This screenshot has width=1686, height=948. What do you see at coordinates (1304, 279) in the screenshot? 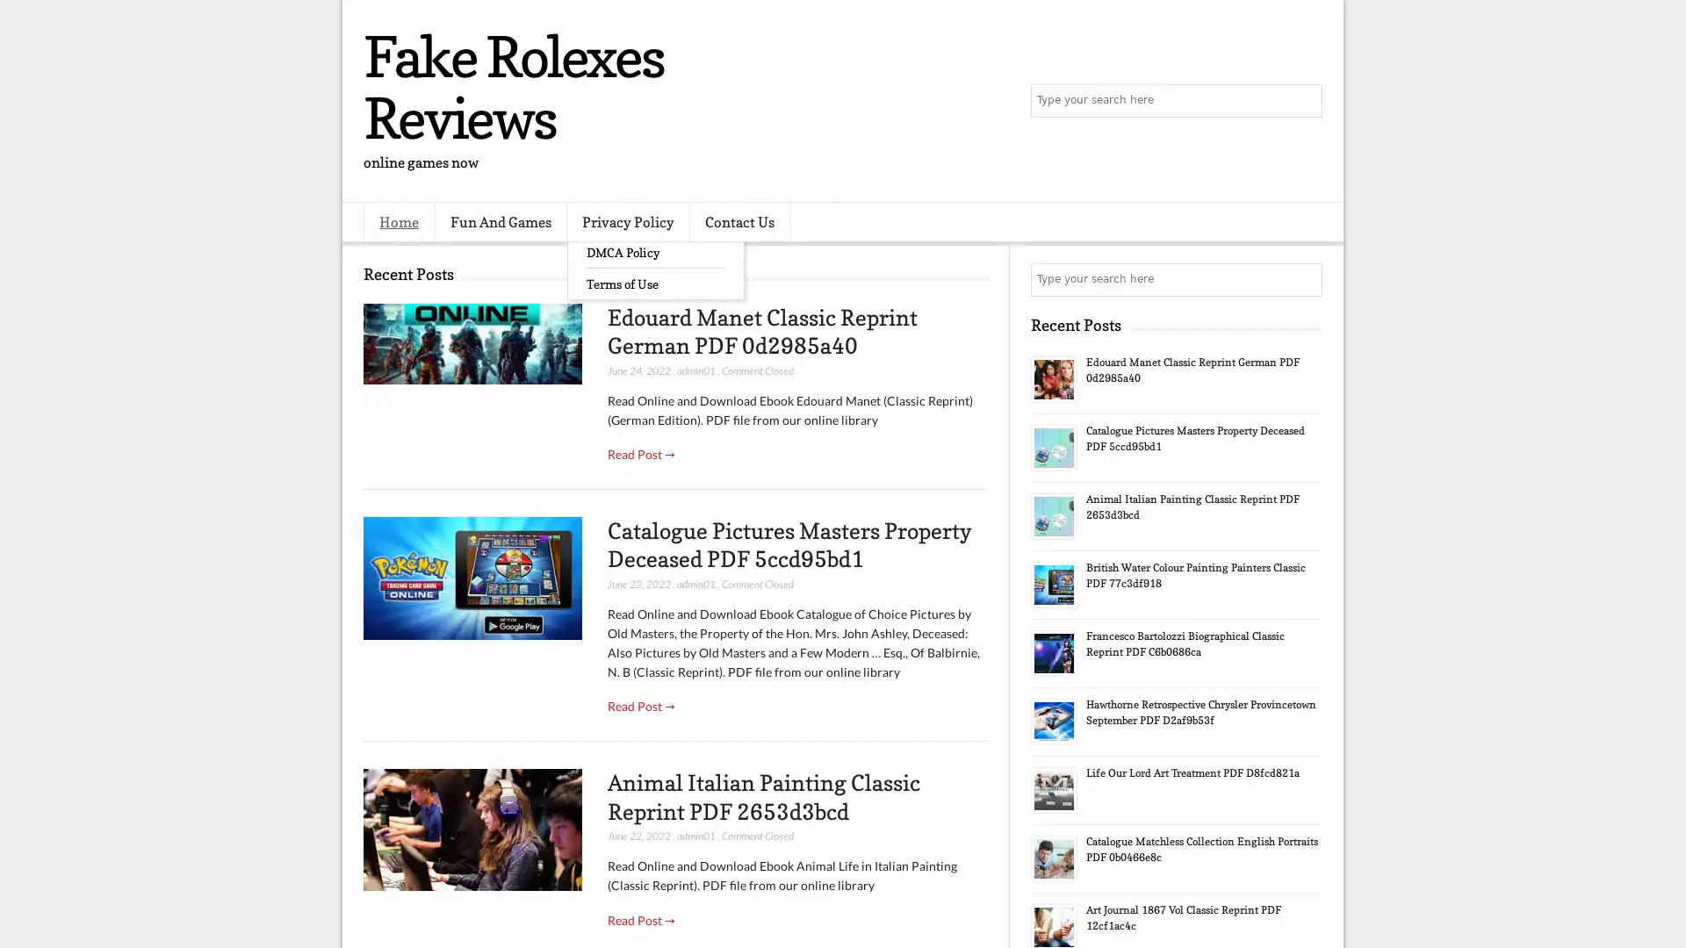
I see `Search` at bounding box center [1304, 279].